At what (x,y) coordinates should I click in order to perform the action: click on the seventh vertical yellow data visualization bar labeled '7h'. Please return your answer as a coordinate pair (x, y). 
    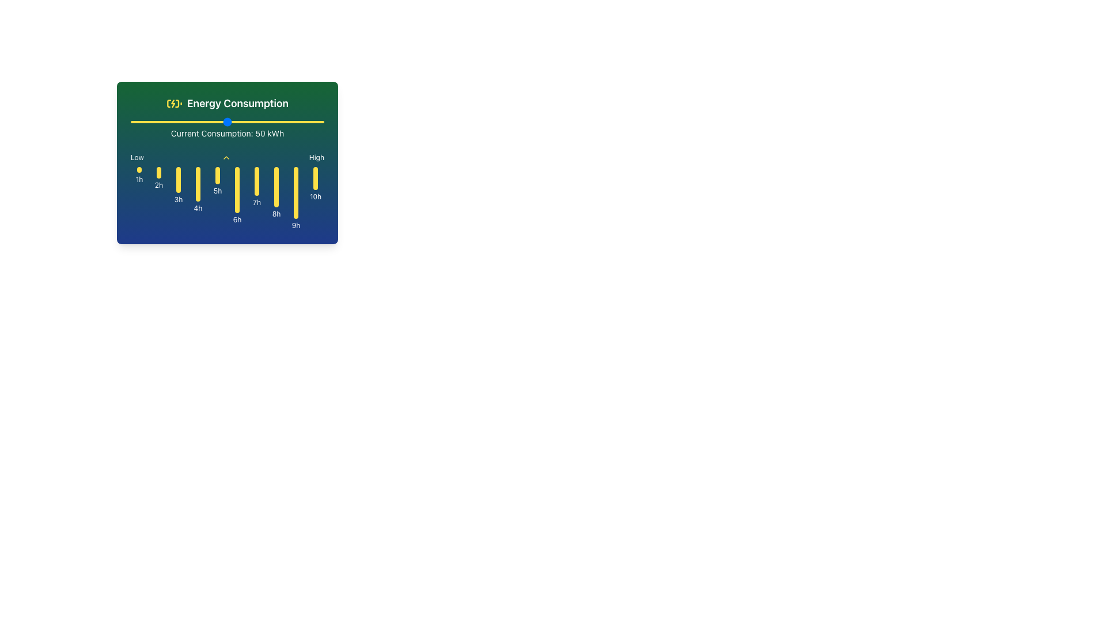
    Looking at the image, I should click on (256, 198).